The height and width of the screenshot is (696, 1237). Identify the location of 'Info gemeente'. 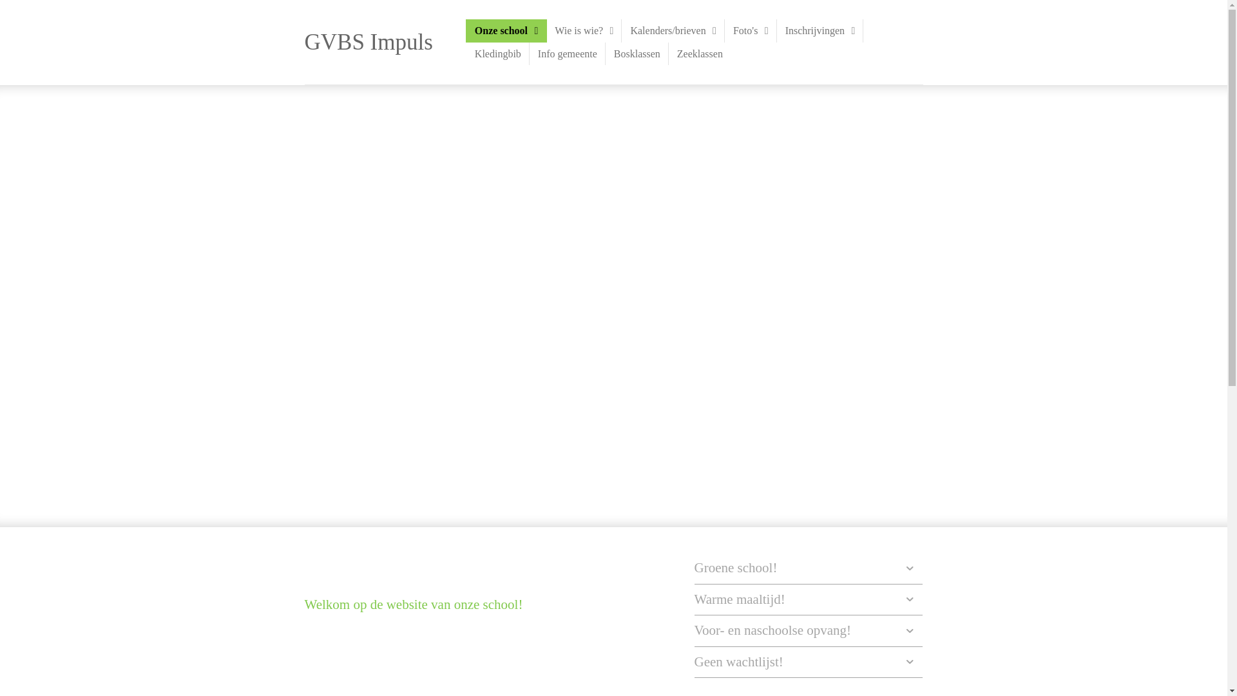
(567, 53).